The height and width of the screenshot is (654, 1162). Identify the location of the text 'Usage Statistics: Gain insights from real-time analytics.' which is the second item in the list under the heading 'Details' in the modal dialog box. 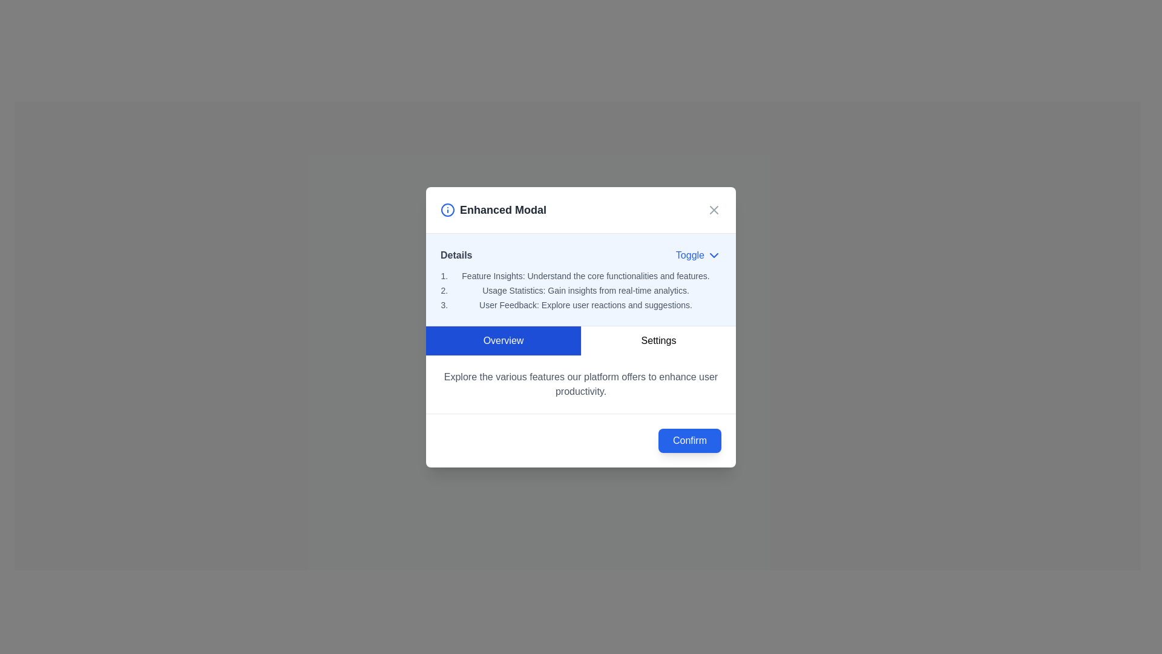
(586, 289).